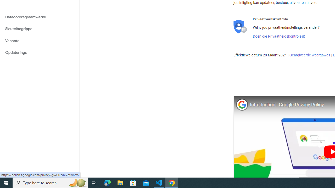 The width and height of the screenshot is (335, 188). I want to click on 'Dataoordragraamwerke', so click(40, 17).